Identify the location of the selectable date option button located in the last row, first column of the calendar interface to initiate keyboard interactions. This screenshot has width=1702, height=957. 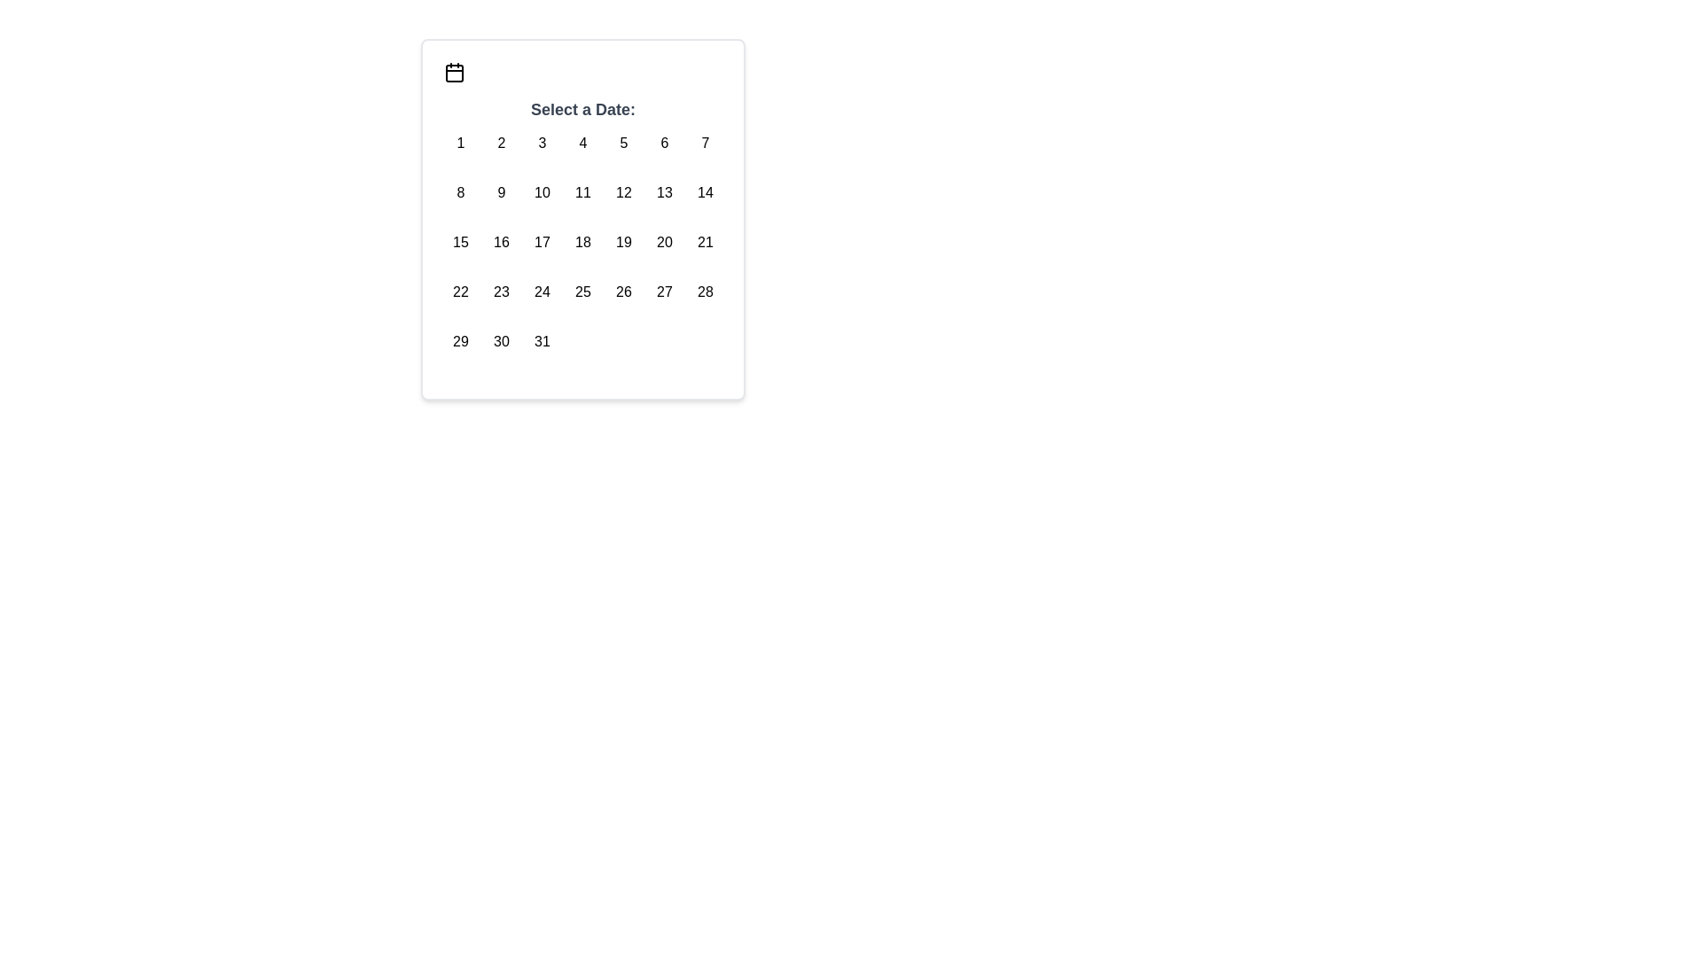
(460, 341).